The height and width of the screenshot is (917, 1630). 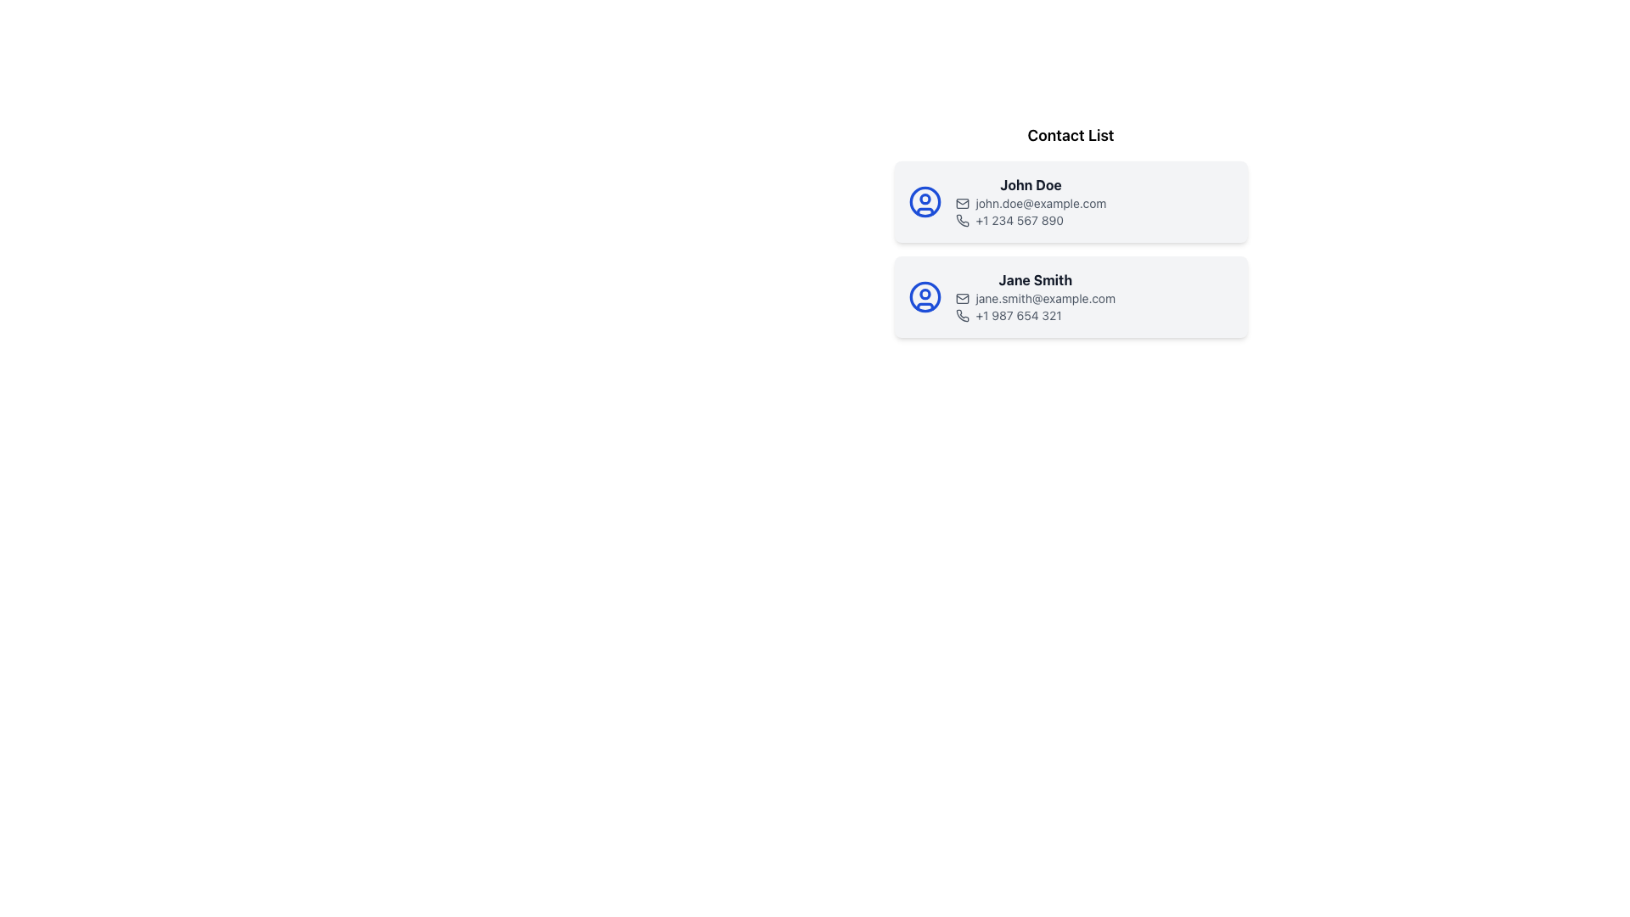 What do you see at coordinates (962, 202) in the screenshot?
I see `the email icon graphic that is part of the envelope icon, which represents email functionality, located beside the name John Doe in the contact list` at bounding box center [962, 202].